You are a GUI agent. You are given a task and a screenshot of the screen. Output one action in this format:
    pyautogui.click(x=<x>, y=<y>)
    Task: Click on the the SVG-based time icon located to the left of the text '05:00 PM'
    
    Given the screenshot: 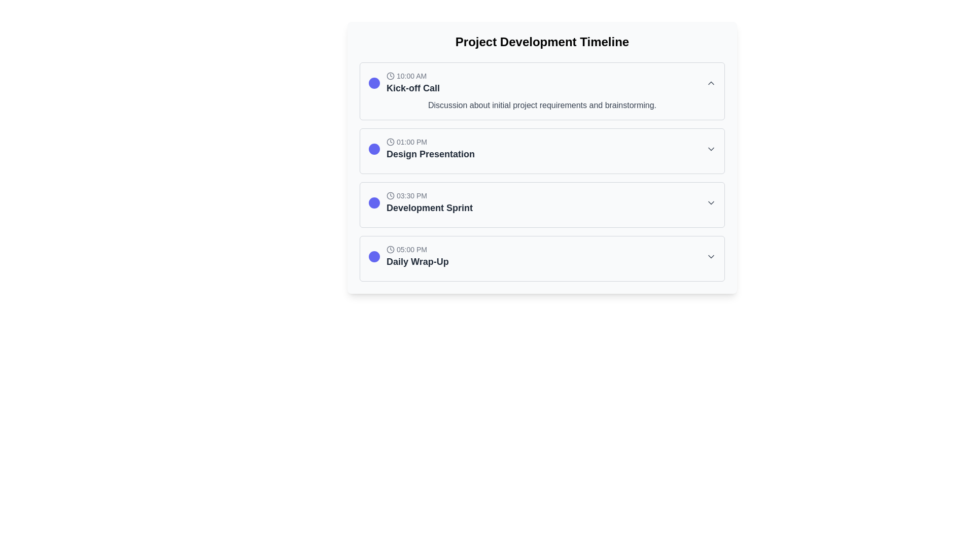 What is the action you would take?
    pyautogui.click(x=390, y=250)
    